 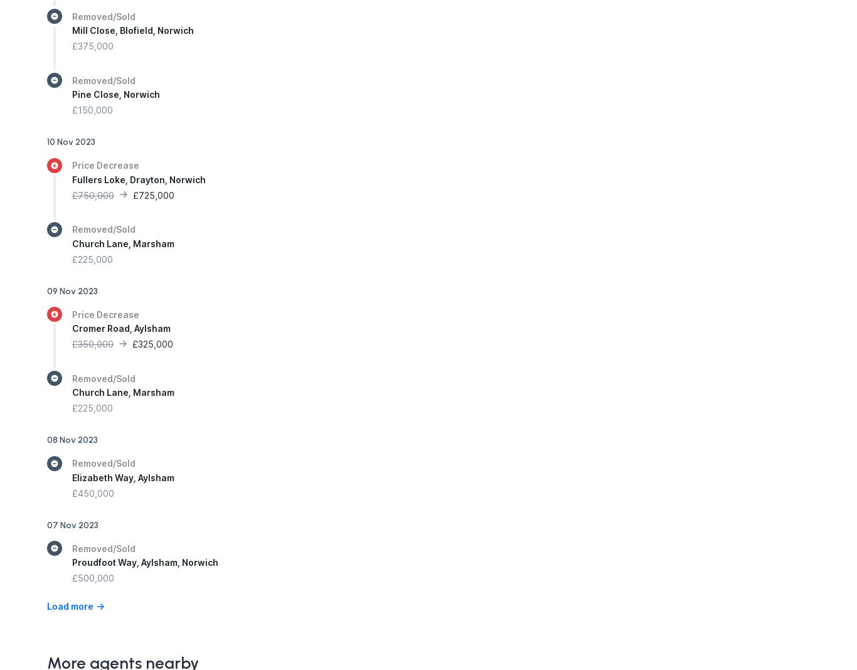 What do you see at coordinates (71, 142) in the screenshot?
I see `'10 Nov 2023'` at bounding box center [71, 142].